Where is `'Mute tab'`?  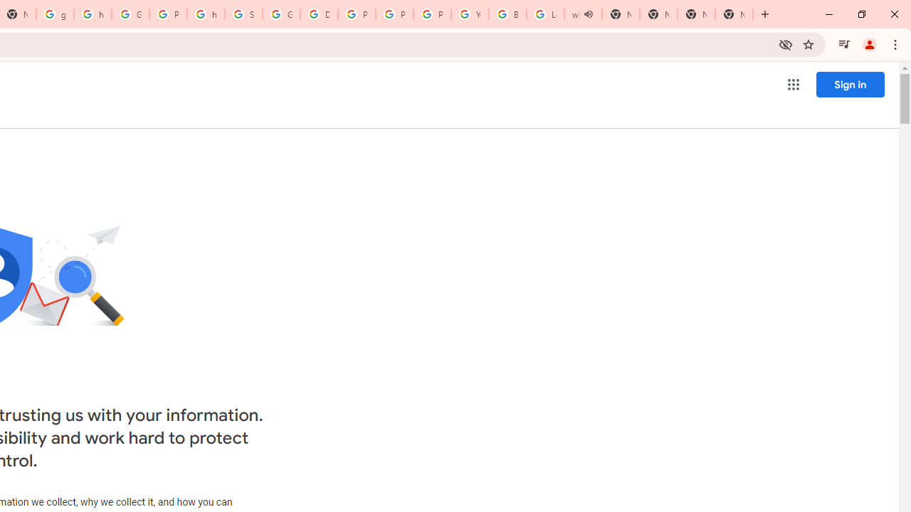 'Mute tab' is located at coordinates (588, 14).